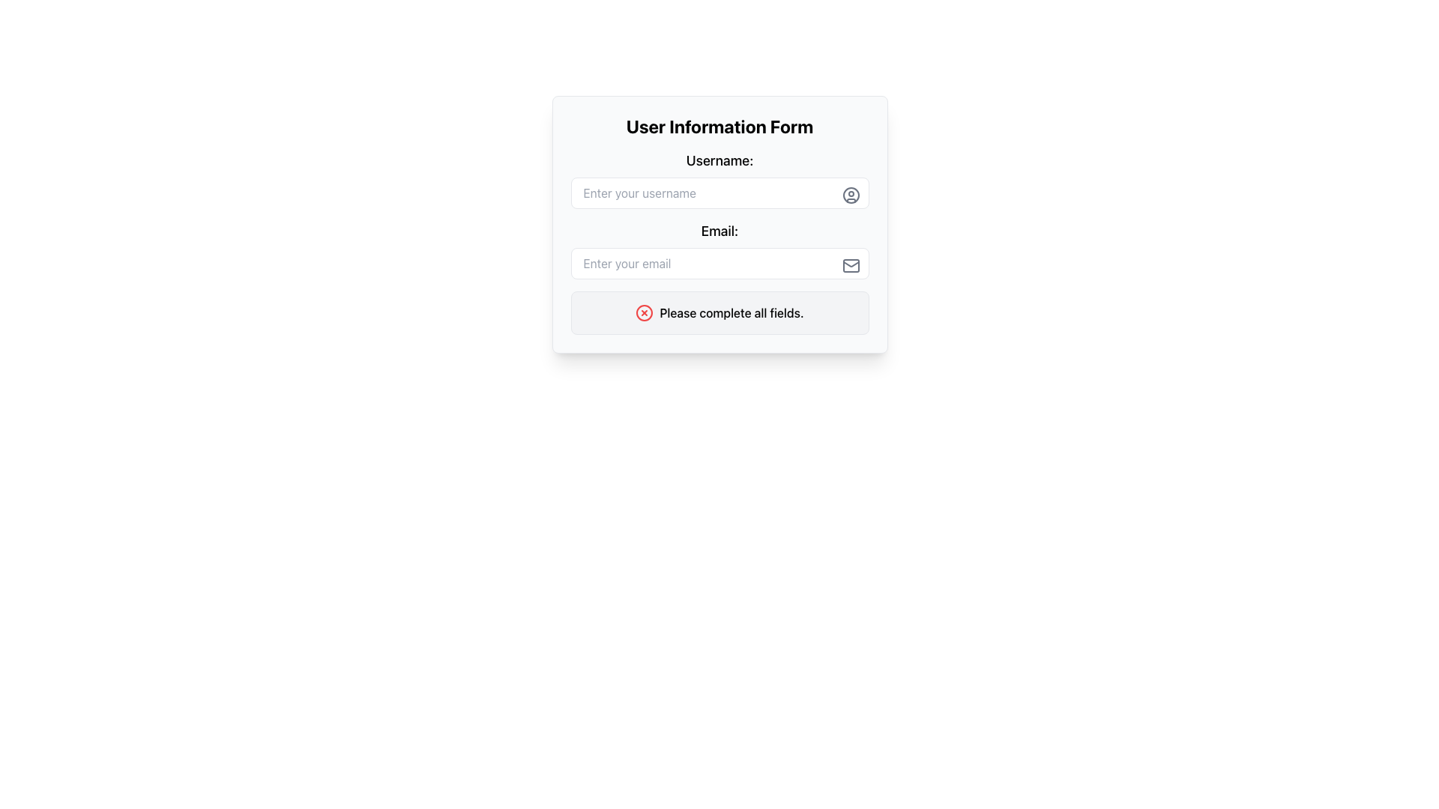 The image size is (1439, 809). What do you see at coordinates (851, 264) in the screenshot?
I see `the email field indicator icon located at the far right side of the email input field, which is situated below the username input field` at bounding box center [851, 264].